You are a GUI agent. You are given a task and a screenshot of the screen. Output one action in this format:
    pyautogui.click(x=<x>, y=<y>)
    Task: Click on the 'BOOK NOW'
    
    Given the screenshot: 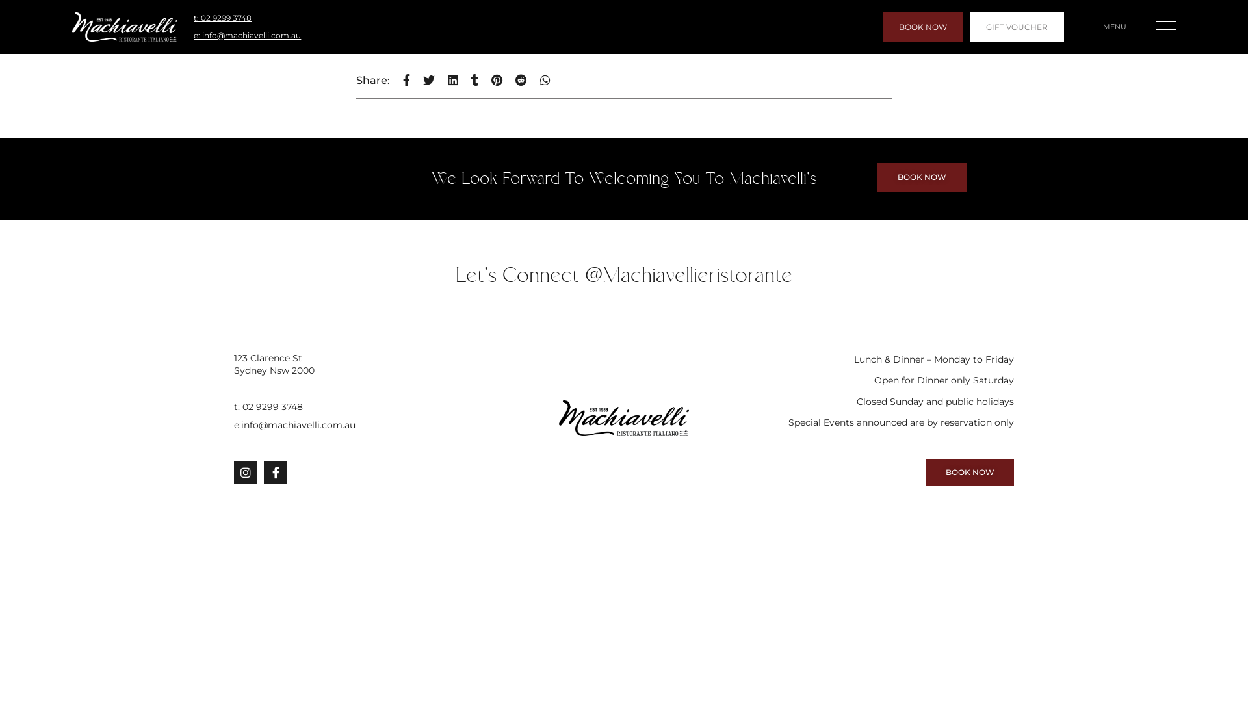 What is the action you would take?
    pyautogui.click(x=922, y=27)
    